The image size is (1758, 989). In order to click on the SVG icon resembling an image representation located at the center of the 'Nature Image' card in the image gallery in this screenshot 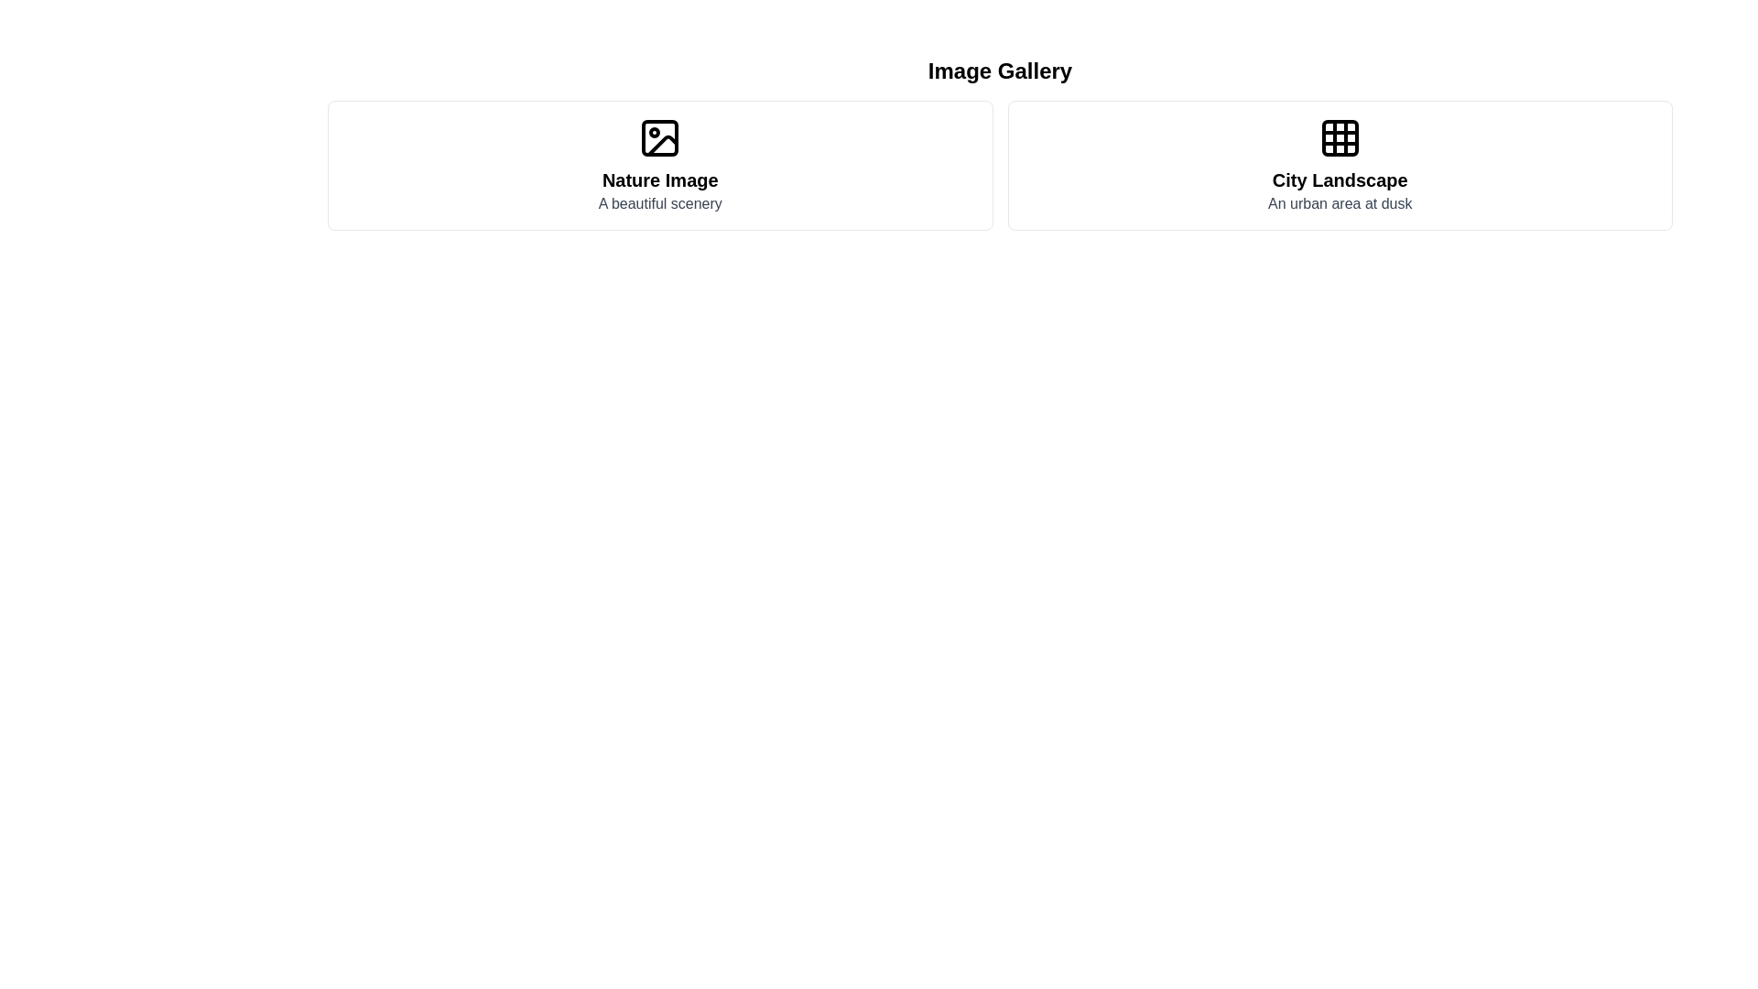, I will do `click(659, 136)`.